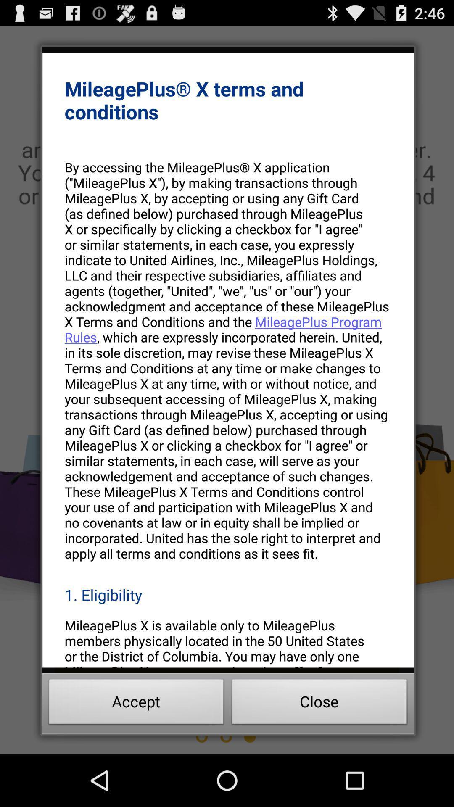 The image size is (454, 807). What do you see at coordinates (136, 704) in the screenshot?
I see `the app below the mileageplus x is app` at bounding box center [136, 704].